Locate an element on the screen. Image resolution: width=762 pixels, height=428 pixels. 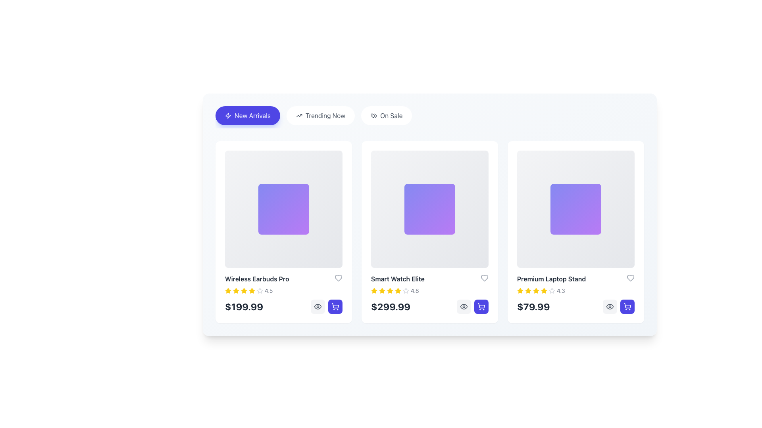
the last star icon in the visual rating system, which indicates an unselected rating state and is located adjacent to the numeric rating text '4.5' is located at coordinates (260, 290).